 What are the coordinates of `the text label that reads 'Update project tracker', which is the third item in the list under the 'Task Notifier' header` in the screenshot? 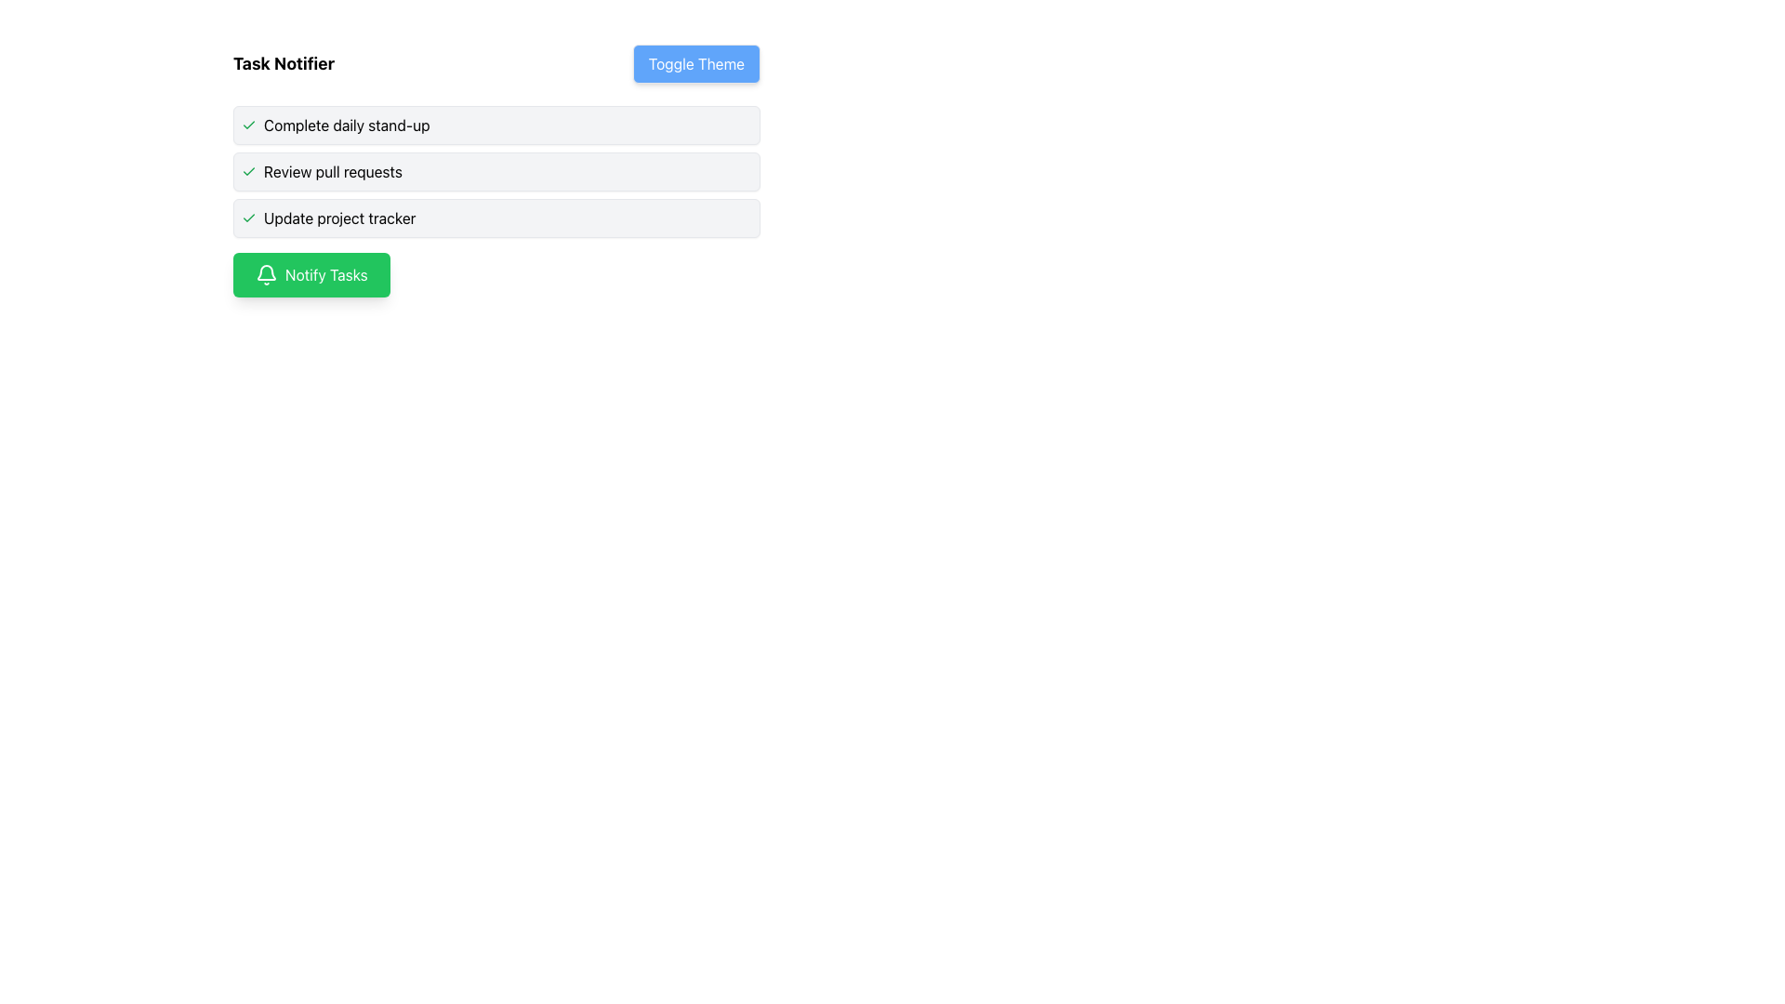 It's located at (339, 218).